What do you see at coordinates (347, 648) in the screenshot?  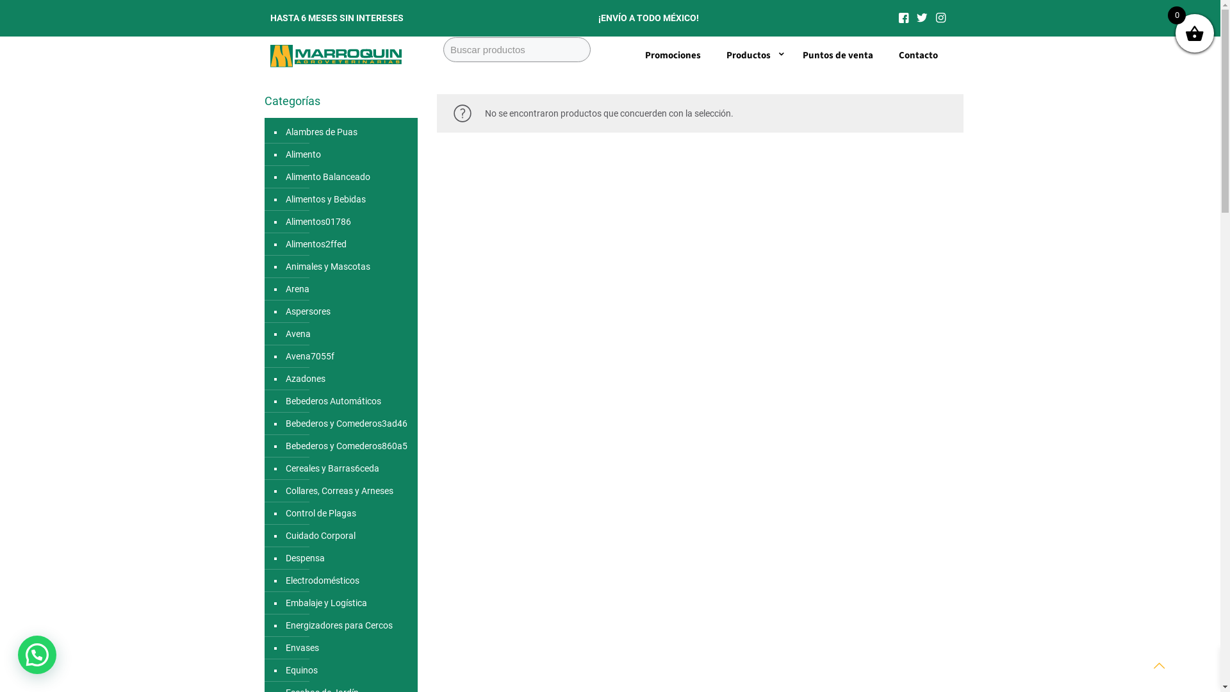 I see `'Envases'` at bounding box center [347, 648].